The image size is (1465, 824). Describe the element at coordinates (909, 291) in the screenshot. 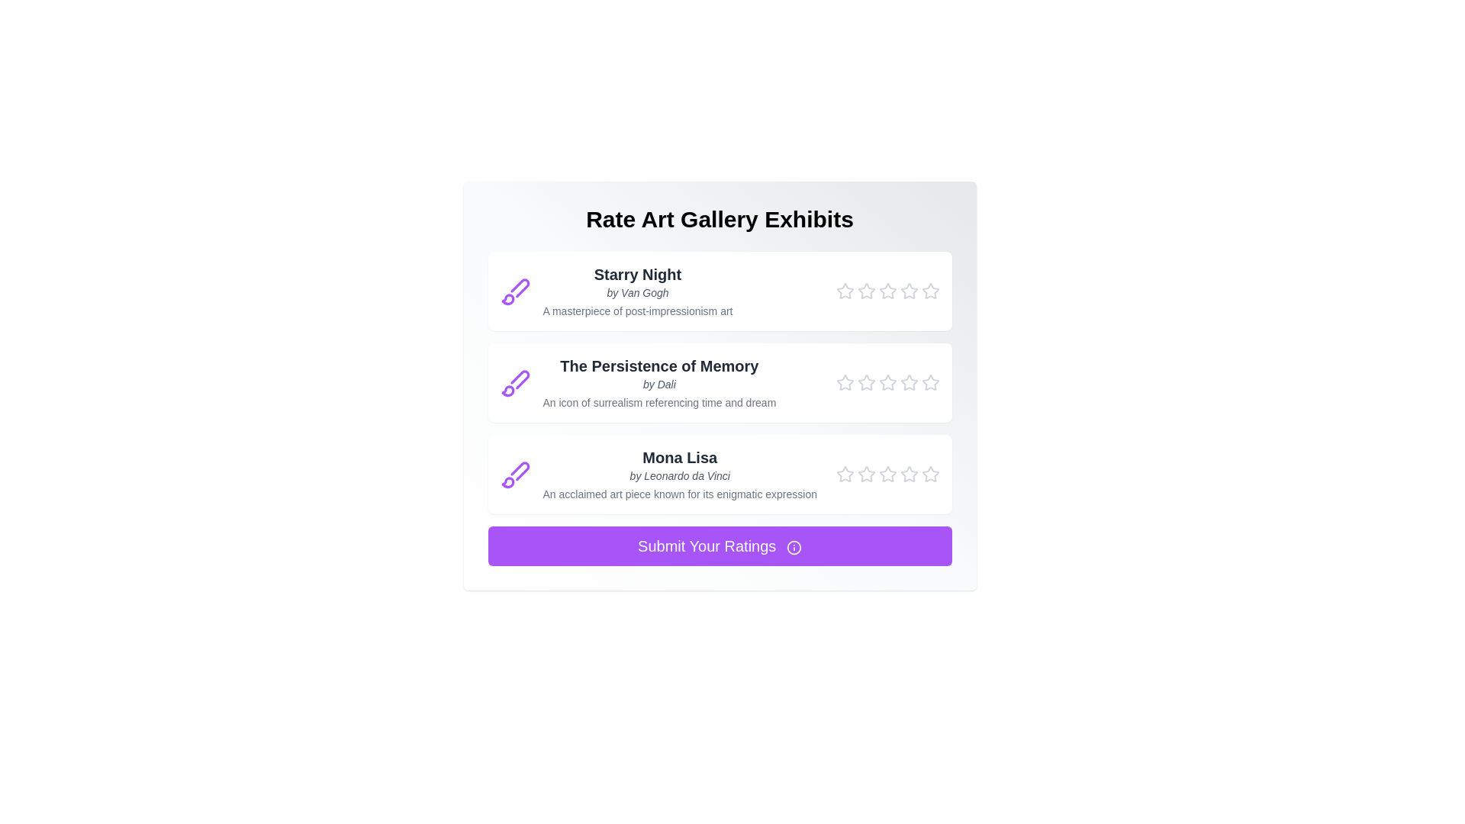

I see `the star corresponding to 4 stars to preview the rating` at that location.